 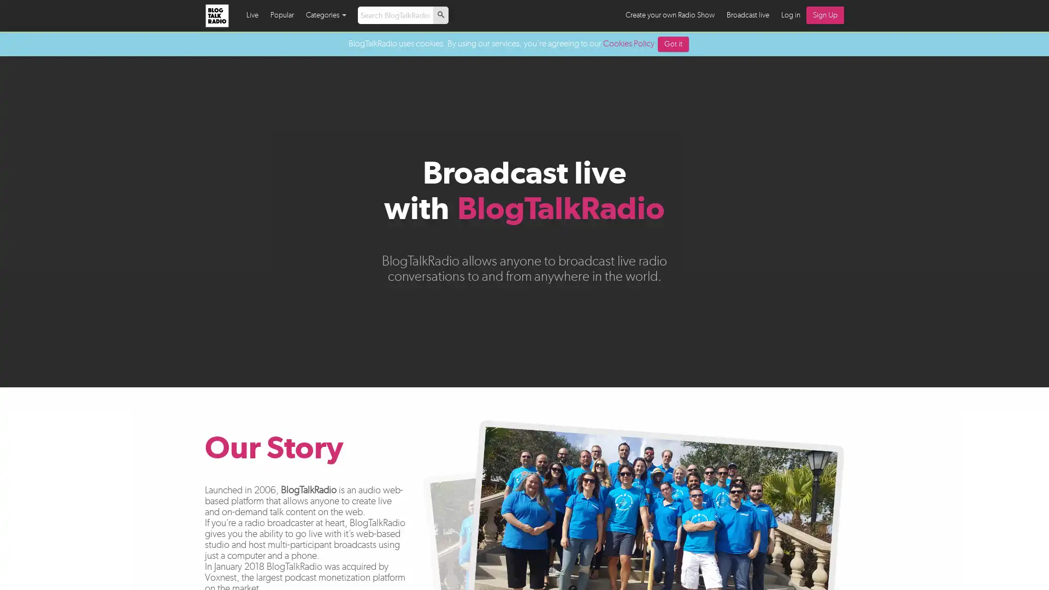 What do you see at coordinates (440, 15) in the screenshot?
I see `p` at bounding box center [440, 15].